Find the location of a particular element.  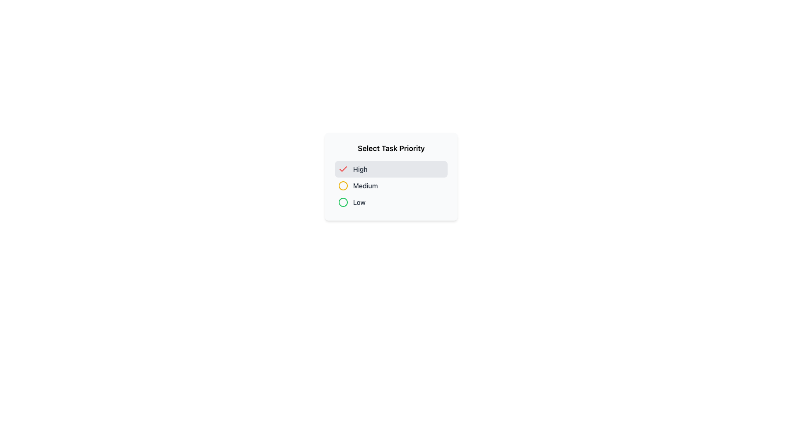

the 'Medium' priority text label located in the second row of the task priority options, next to the yellow circular icon is located at coordinates (365, 185).